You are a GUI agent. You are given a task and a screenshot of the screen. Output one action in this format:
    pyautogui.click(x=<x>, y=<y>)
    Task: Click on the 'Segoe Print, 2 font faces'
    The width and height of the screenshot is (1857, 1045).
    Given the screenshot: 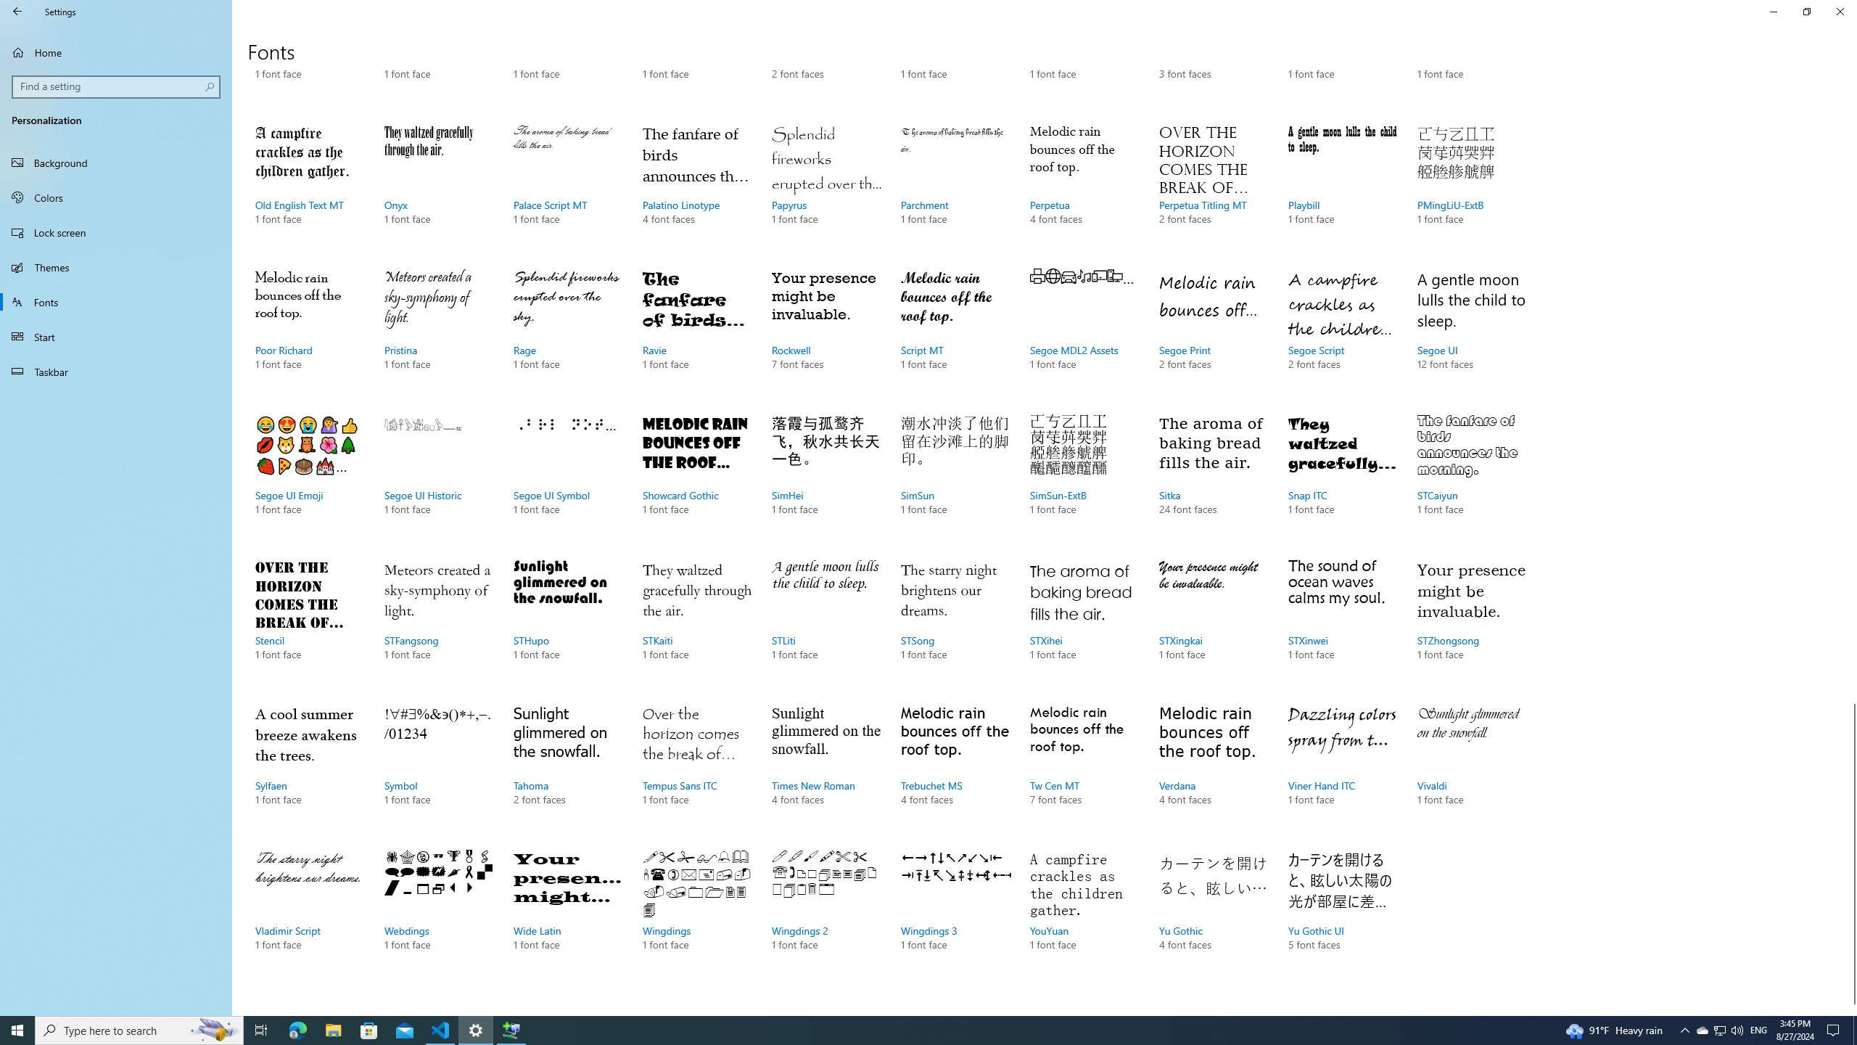 What is the action you would take?
    pyautogui.click(x=1212, y=334)
    